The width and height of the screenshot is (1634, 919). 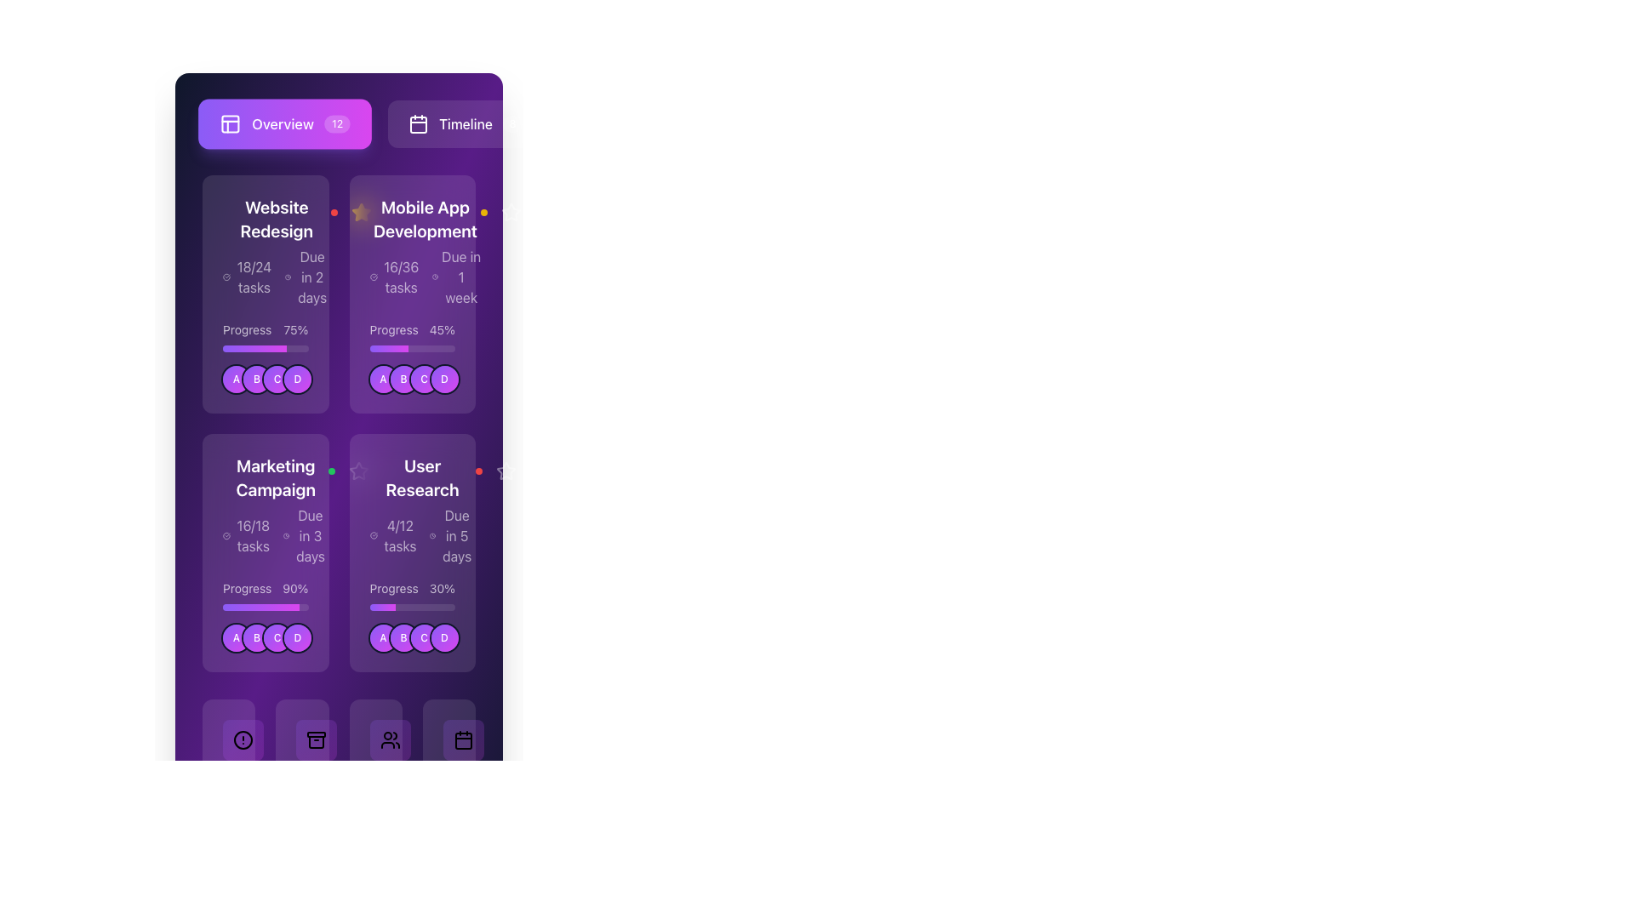 What do you see at coordinates (403, 637) in the screenshot?
I see `the circular avatar icon located` at bounding box center [403, 637].